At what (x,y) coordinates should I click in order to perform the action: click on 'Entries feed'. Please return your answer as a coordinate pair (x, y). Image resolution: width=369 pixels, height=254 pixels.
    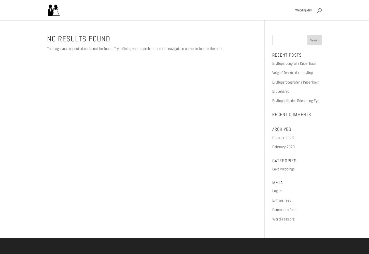
    Looking at the image, I should click on (281, 200).